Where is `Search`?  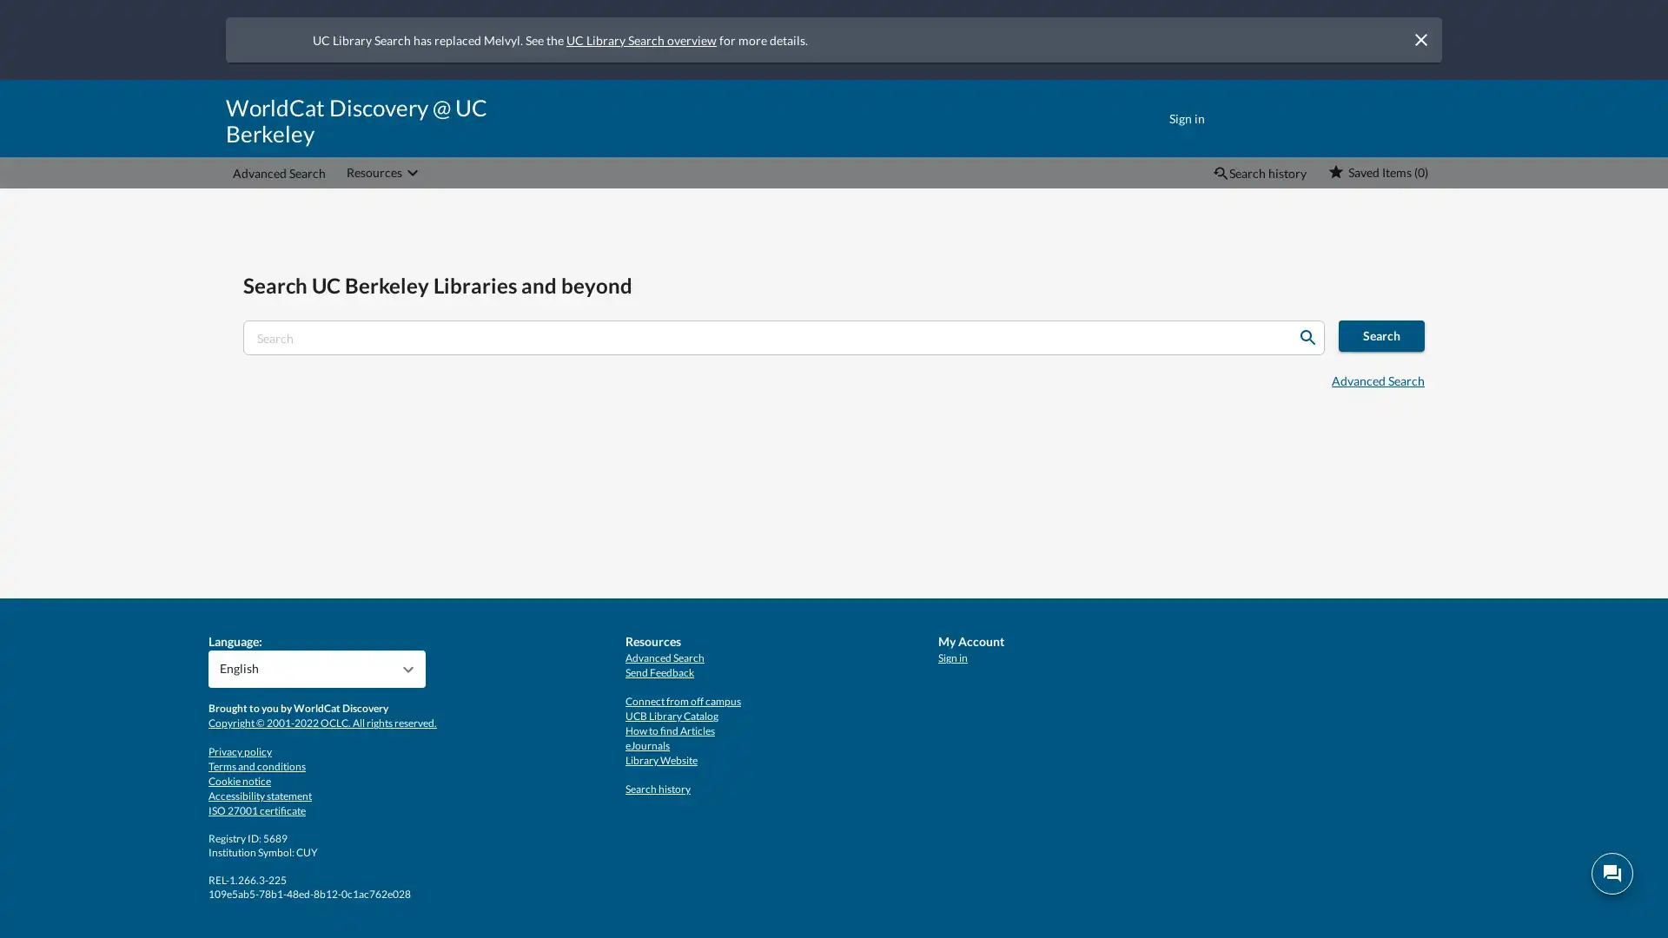
Search is located at coordinates (1380, 335).